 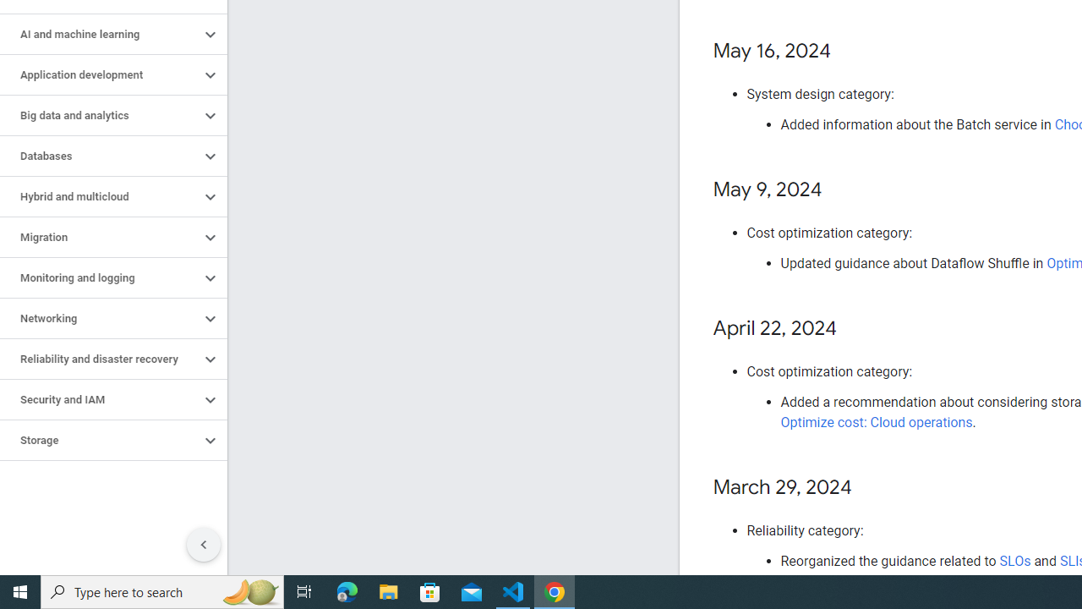 What do you see at coordinates (99, 359) in the screenshot?
I see `'Reliability and disaster recovery'` at bounding box center [99, 359].